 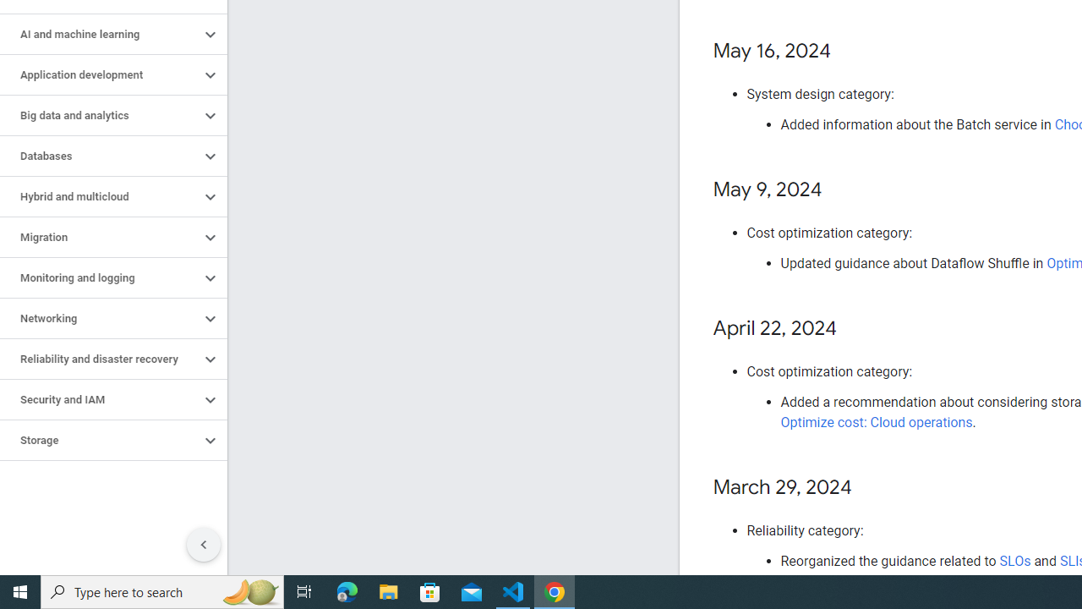 What do you see at coordinates (99, 359) in the screenshot?
I see `'Reliability and disaster recovery'` at bounding box center [99, 359].